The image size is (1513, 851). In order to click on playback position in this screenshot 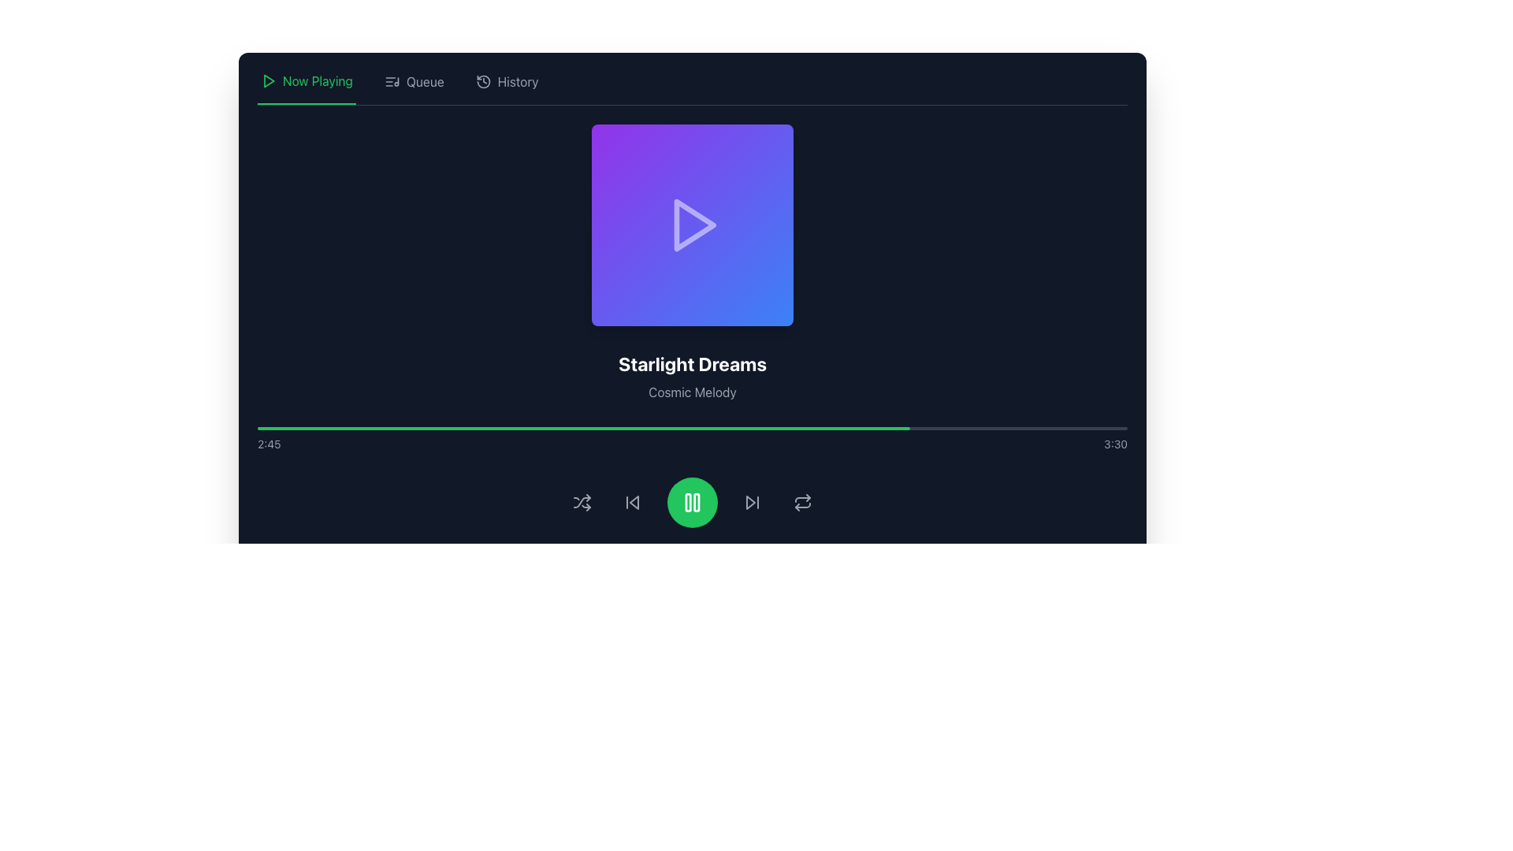, I will do `click(1031, 428)`.